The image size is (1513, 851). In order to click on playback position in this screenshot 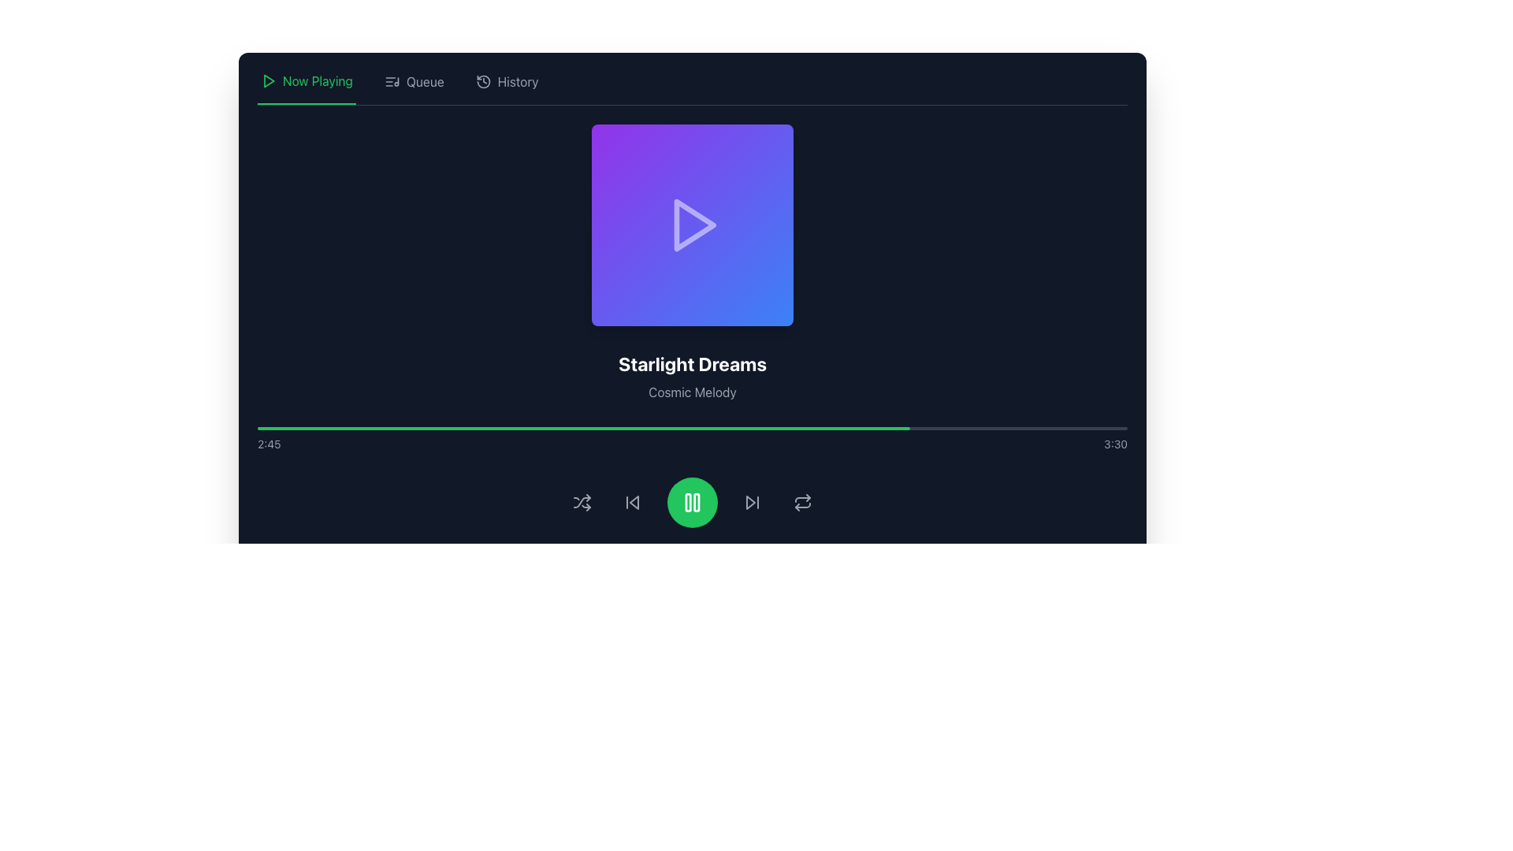, I will do `click(1031, 428)`.